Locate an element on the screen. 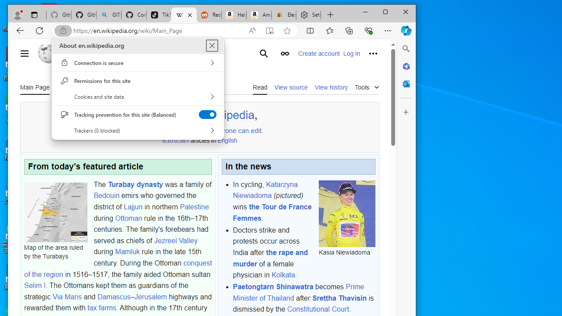  'Damascus' is located at coordinates (113, 296).